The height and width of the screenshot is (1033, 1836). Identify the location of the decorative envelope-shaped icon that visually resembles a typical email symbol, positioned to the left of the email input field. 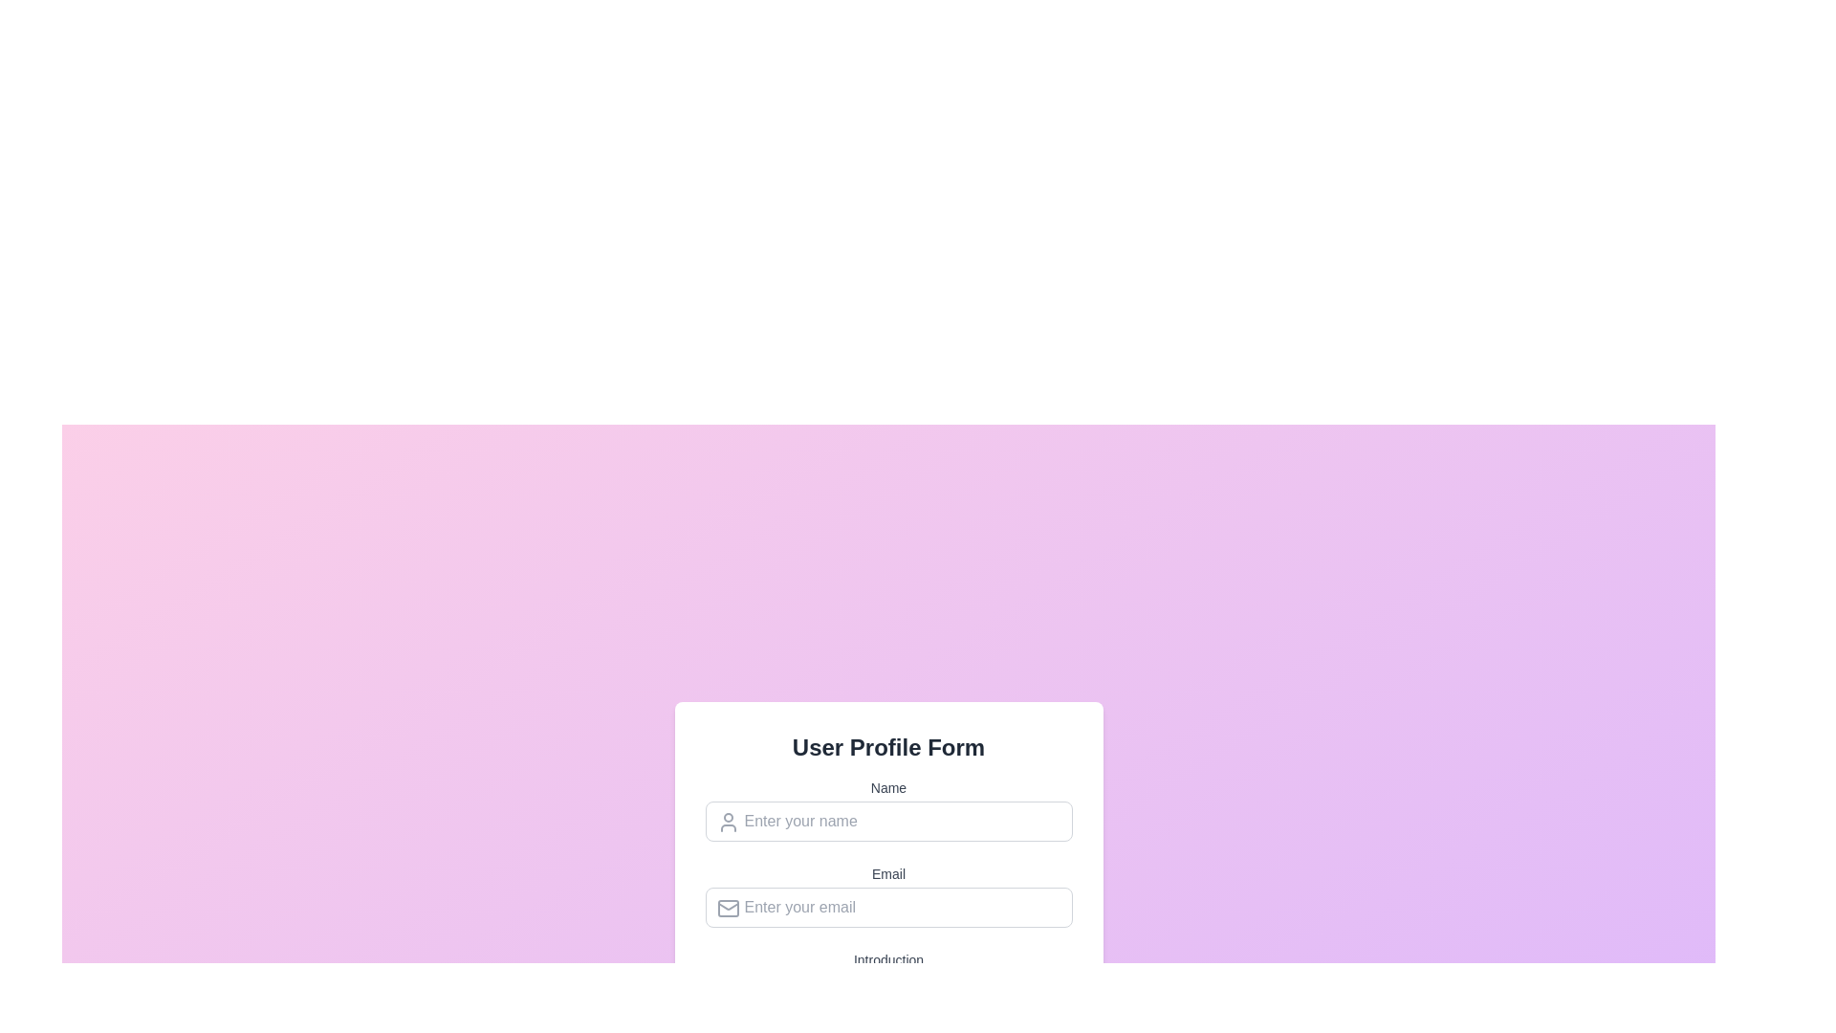
(727, 907).